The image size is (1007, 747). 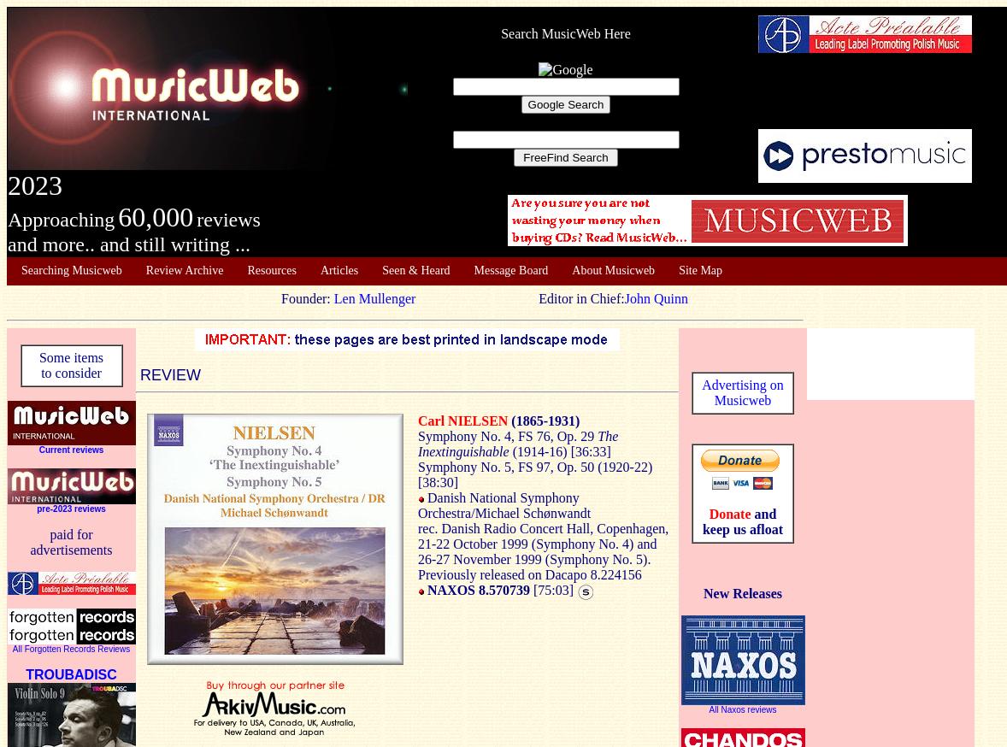 I want to click on 'Monthly 
                index', so click(x=55, y=291).